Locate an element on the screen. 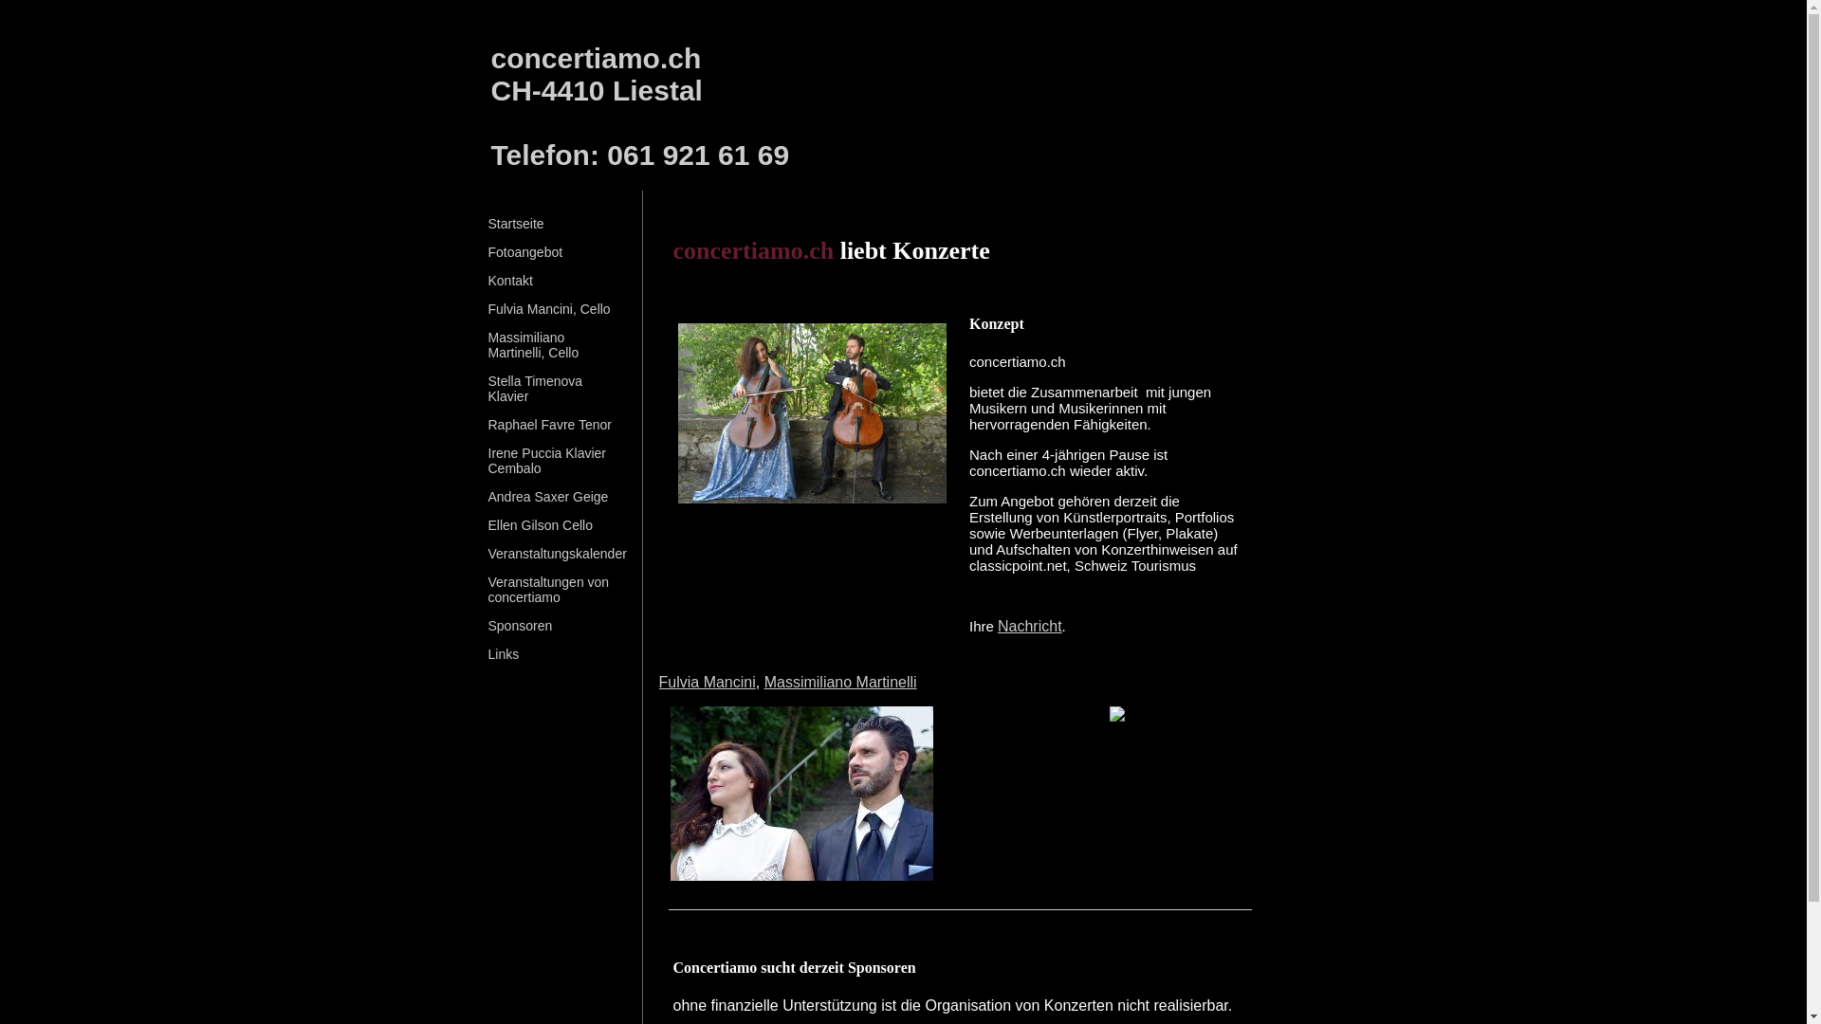 The image size is (1821, 1024). 'Massimiliano Martinelli' is located at coordinates (764, 681).